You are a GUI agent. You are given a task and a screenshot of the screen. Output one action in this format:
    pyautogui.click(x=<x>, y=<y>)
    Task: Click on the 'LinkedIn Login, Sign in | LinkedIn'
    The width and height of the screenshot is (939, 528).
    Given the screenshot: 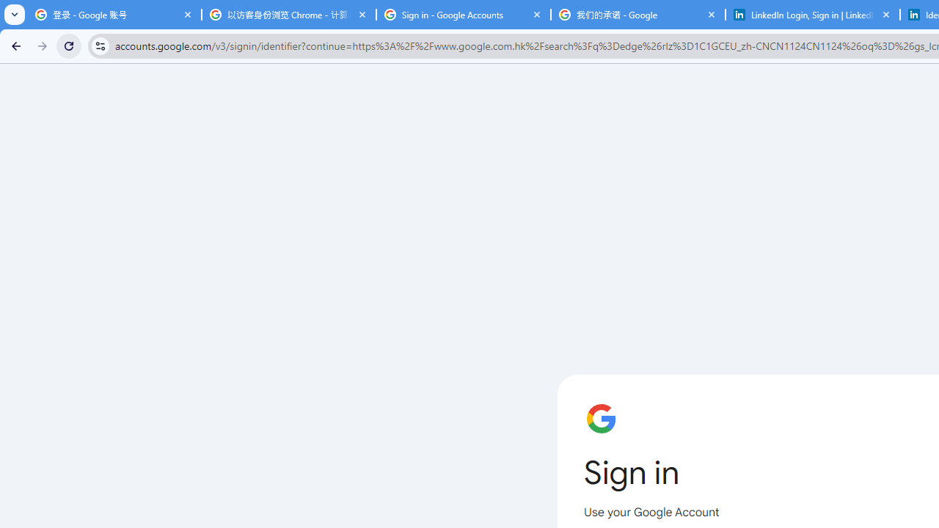 What is the action you would take?
    pyautogui.click(x=812, y=15)
    